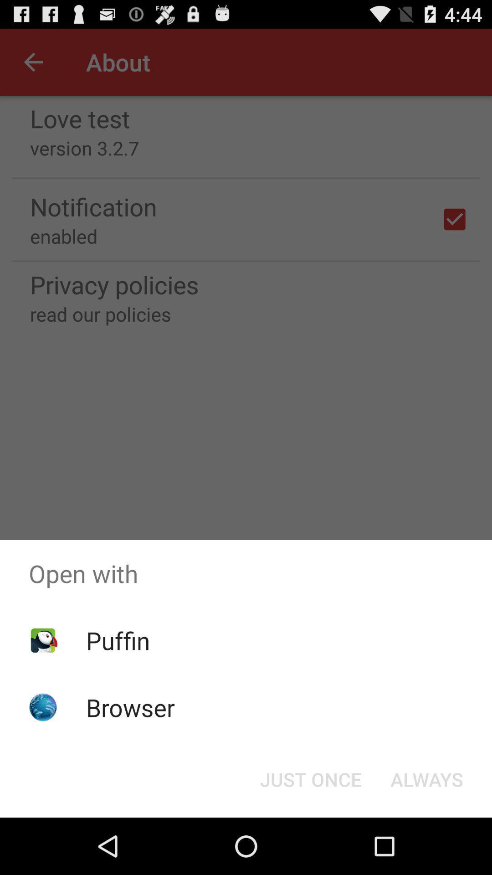  Describe the element at coordinates (310, 778) in the screenshot. I see `the icon below open with item` at that location.